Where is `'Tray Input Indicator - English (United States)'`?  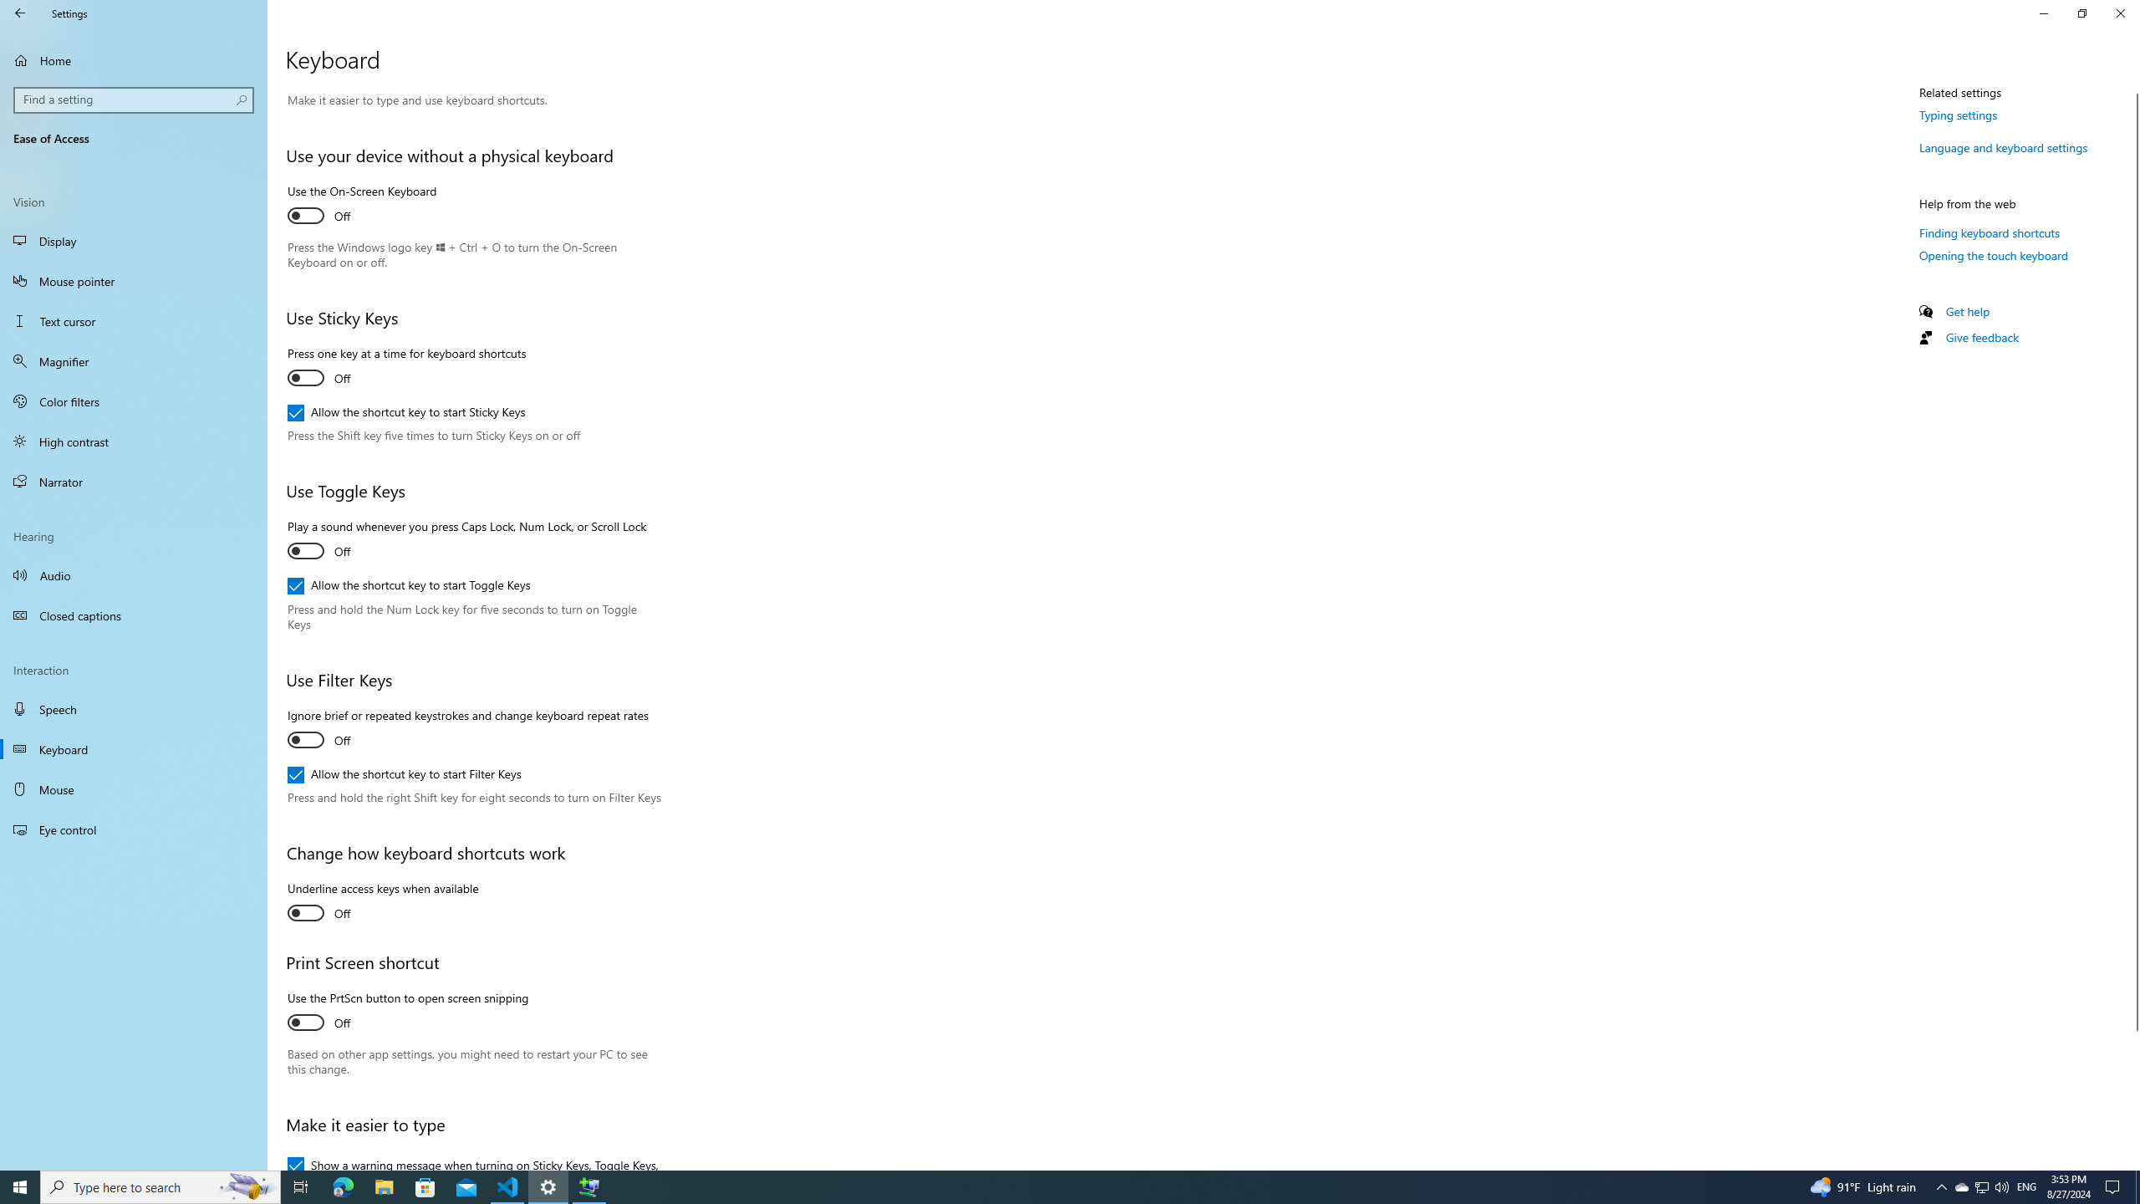
'Tray Input Indicator - English (United States)' is located at coordinates (2026, 1186).